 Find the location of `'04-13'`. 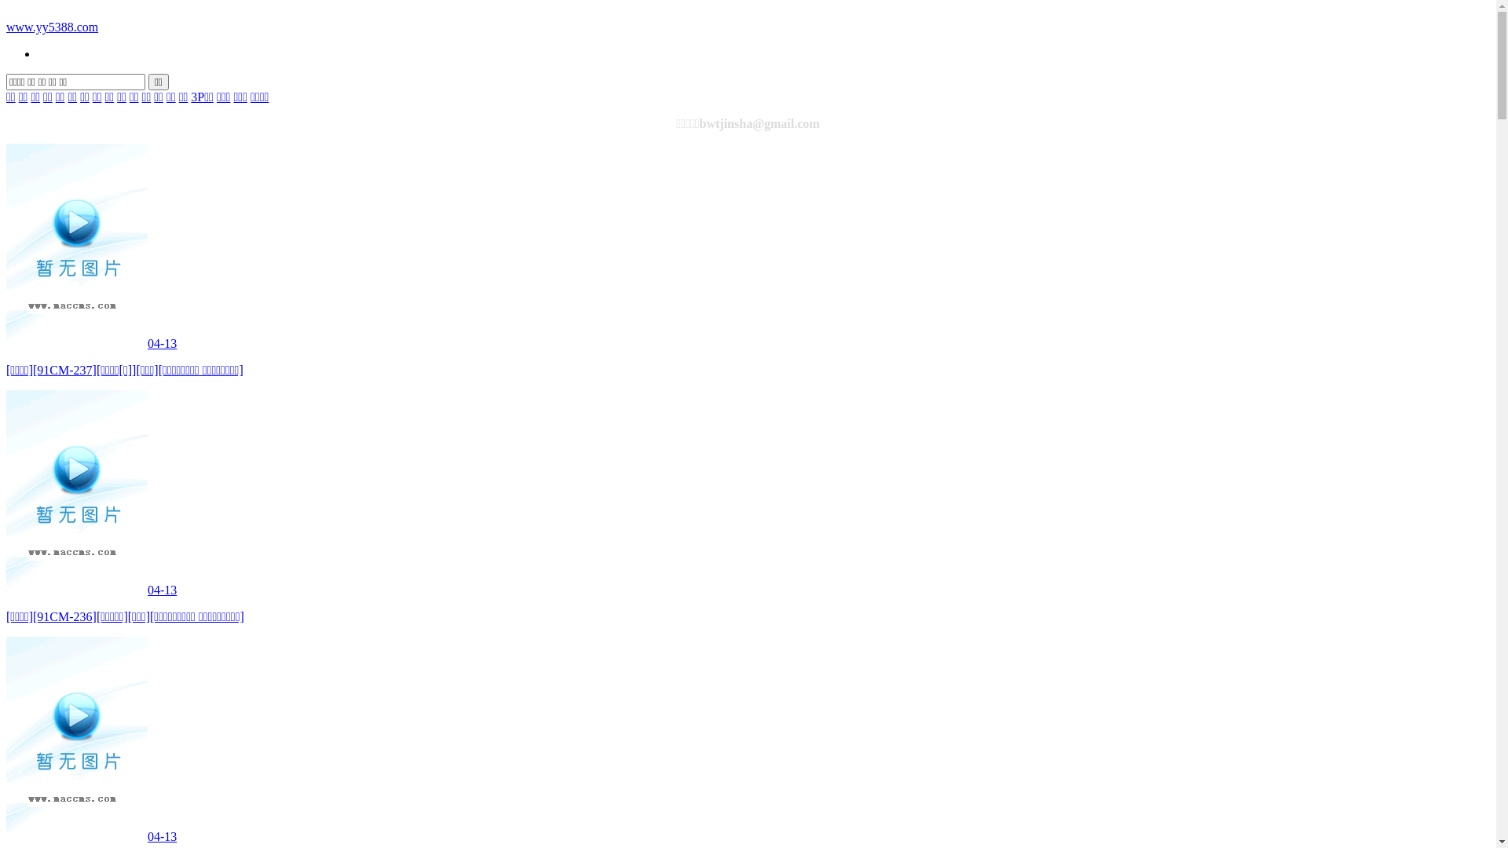

'04-13' is located at coordinates (90, 590).